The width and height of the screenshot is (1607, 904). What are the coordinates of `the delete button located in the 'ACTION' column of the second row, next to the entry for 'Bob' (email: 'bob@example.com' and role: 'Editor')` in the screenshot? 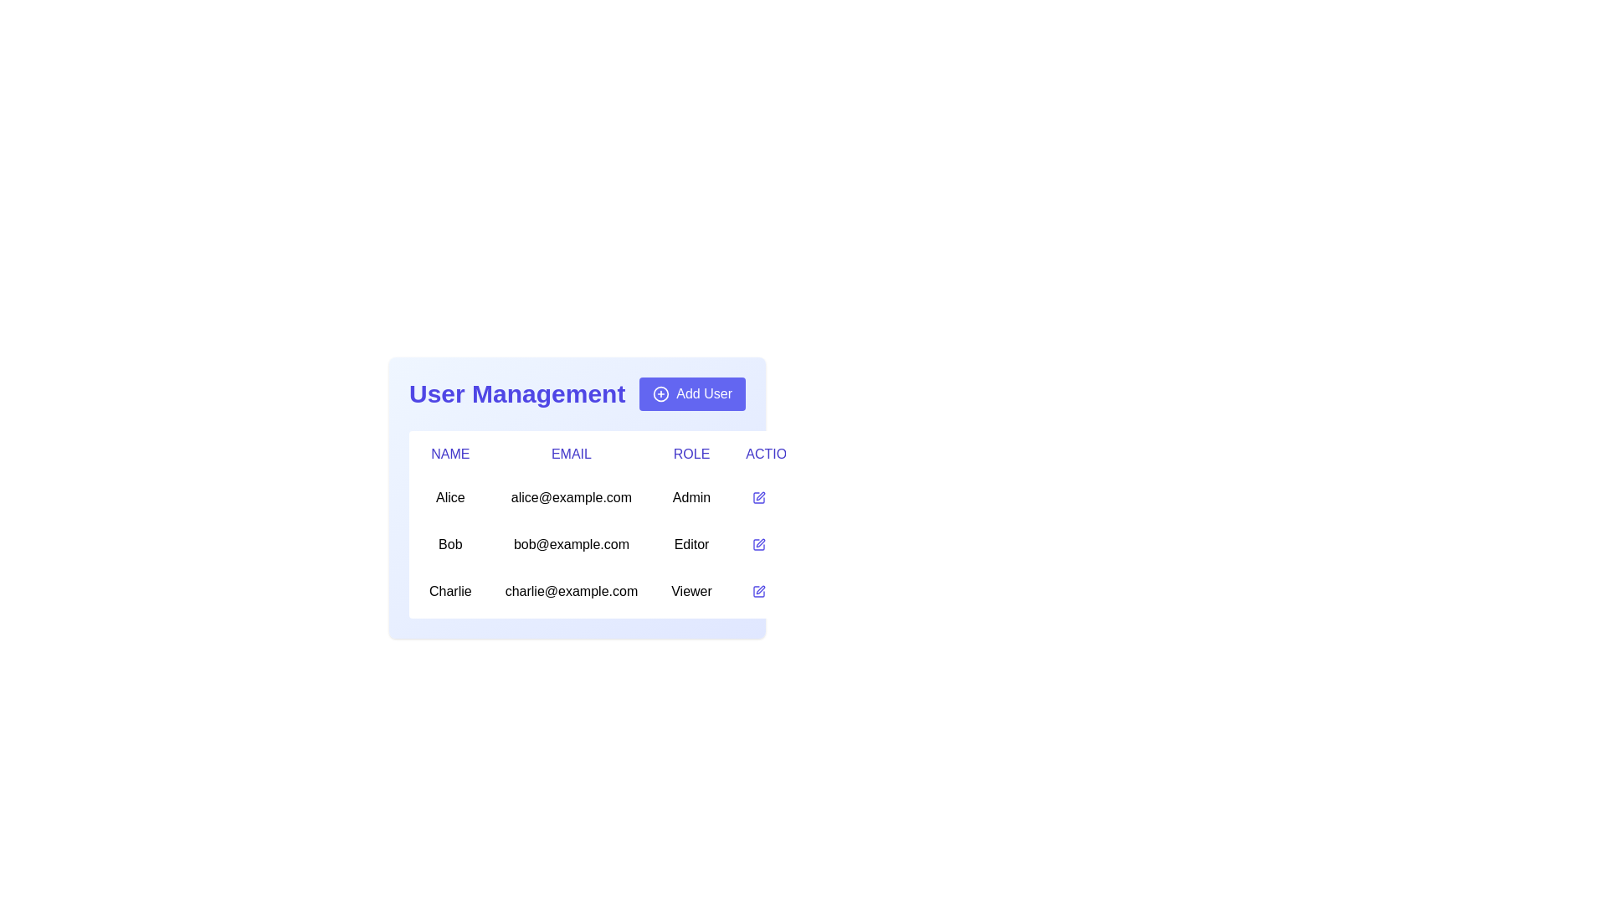 It's located at (791, 545).